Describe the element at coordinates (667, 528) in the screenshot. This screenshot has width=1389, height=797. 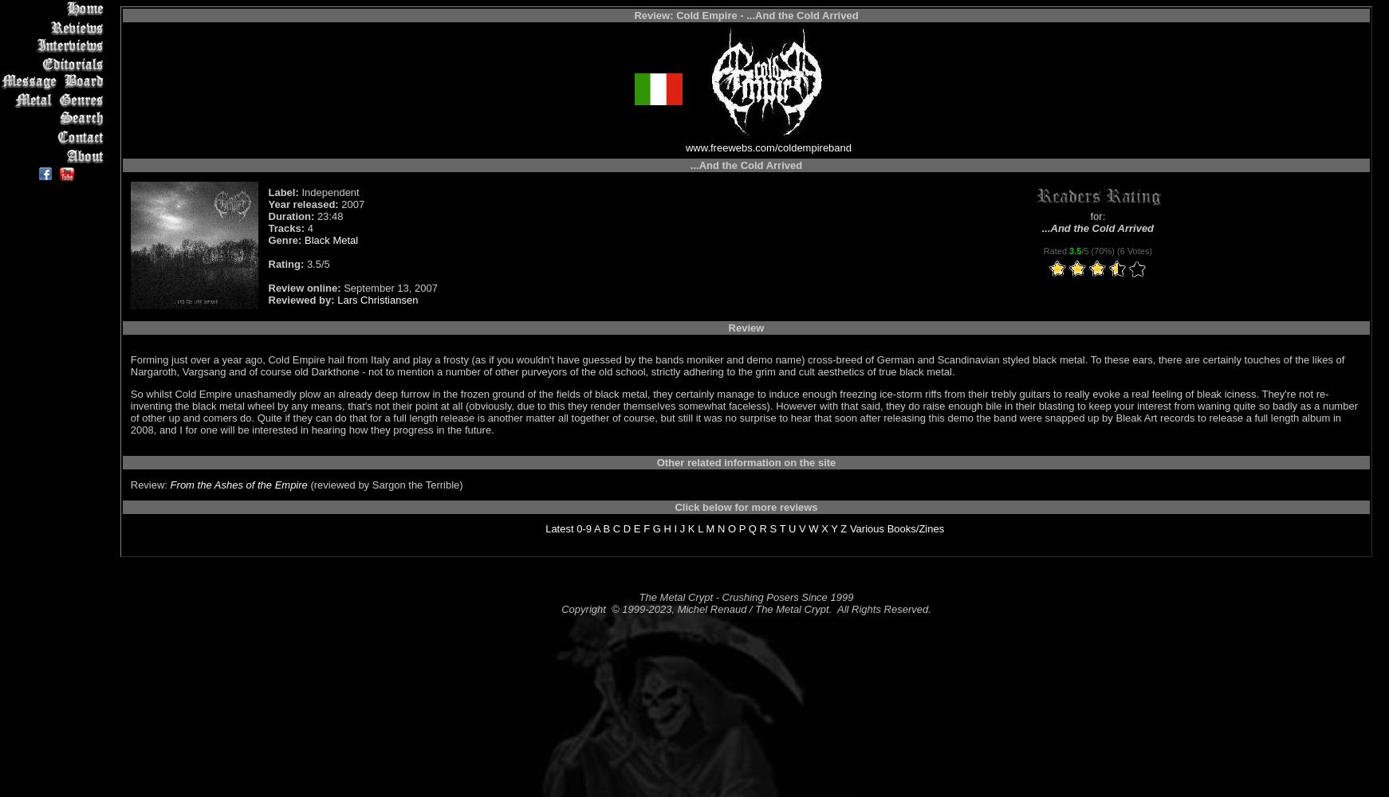
I see `'H'` at that location.